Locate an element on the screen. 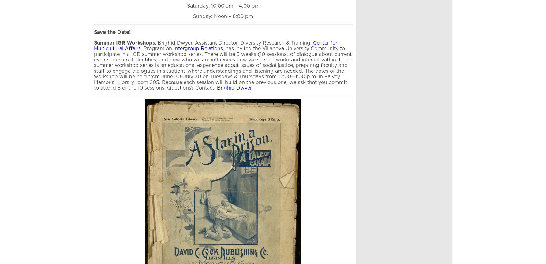  'Center for Multicultural Affairs' is located at coordinates (215, 45).